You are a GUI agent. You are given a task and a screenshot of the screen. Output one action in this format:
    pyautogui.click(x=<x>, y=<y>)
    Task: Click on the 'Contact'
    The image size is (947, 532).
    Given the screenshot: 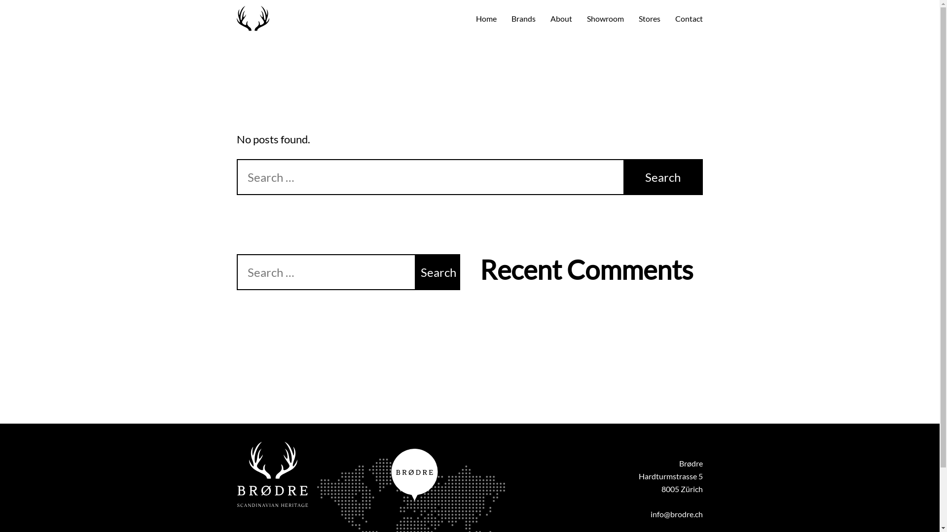 What is the action you would take?
    pyautogui.click(x=688, y=18)
    